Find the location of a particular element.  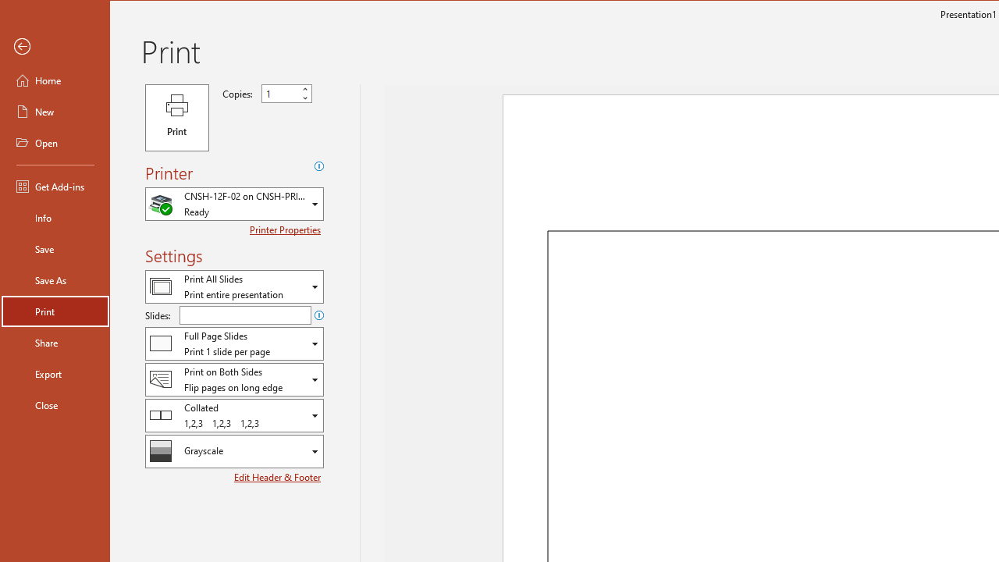

'New' is located at coordinates (55, 110).